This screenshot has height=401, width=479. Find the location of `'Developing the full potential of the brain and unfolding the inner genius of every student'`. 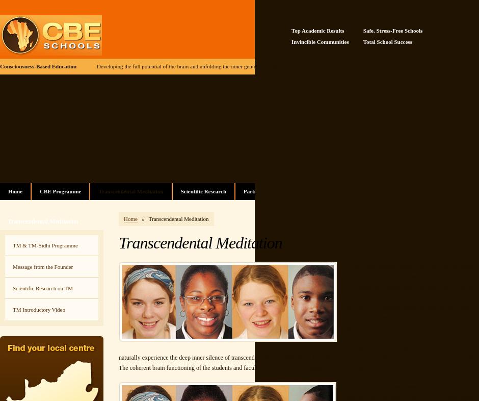

'Developing the full potential of the brain and unfolding the inner genius of every student' is located at coordinates (196, 66).